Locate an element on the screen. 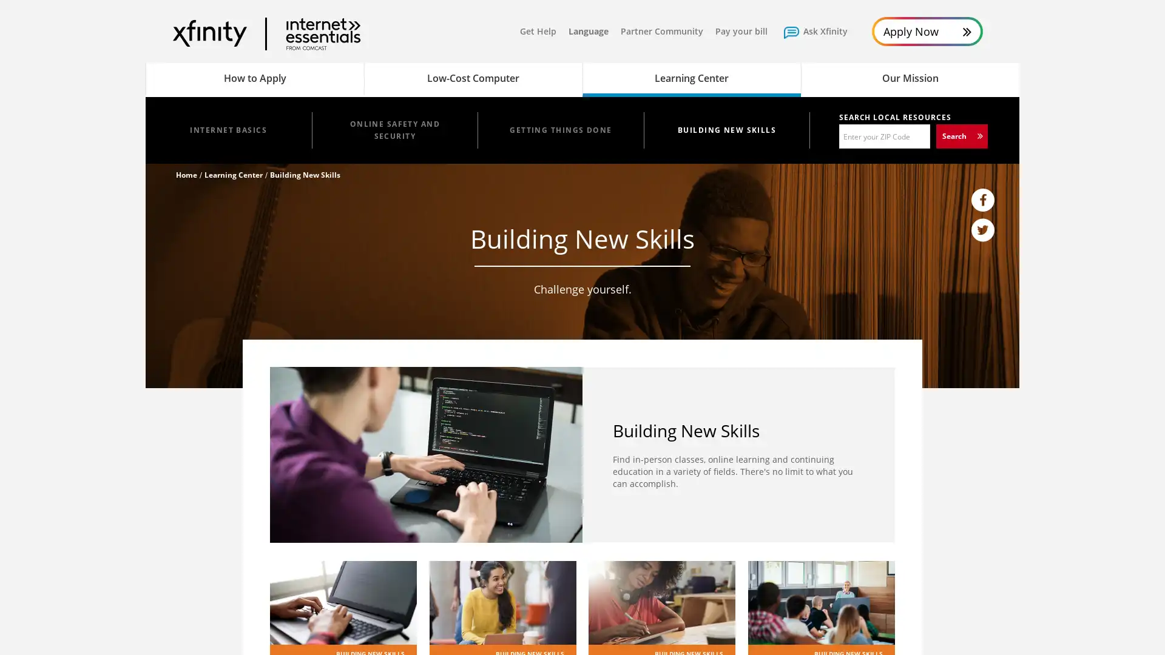 The width and height of the screenshot is (1165, 655). Apply Now is located at coordinates (927, 28).